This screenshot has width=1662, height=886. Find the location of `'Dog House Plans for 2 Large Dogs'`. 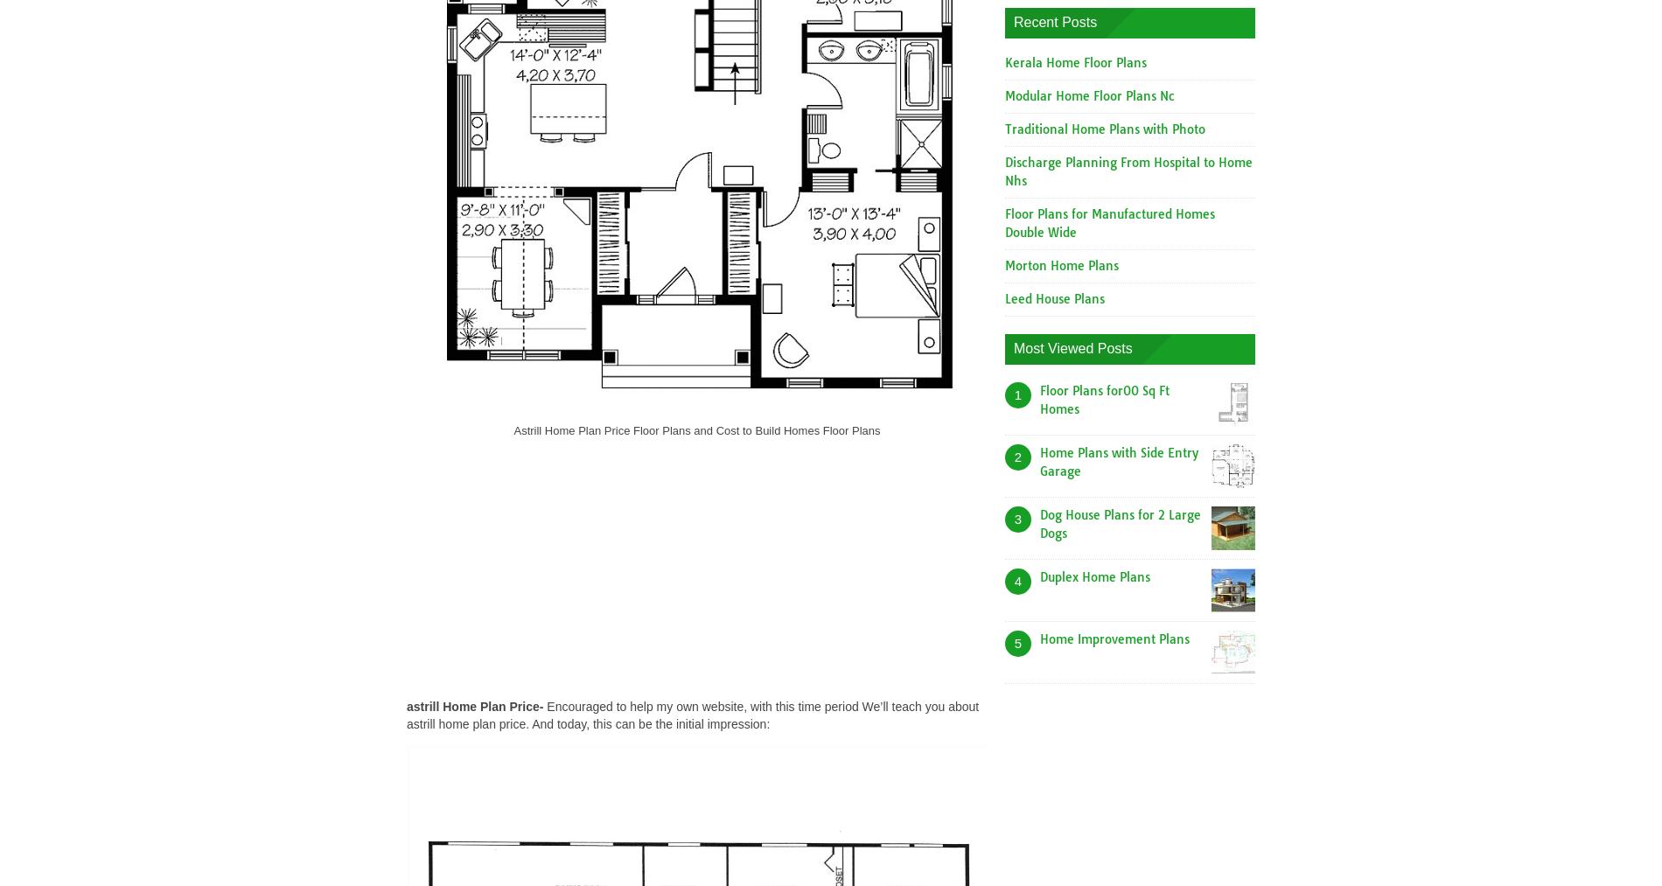

'Dog House Plans for 2 Large Dogs' is located at coordinates (1039, 523).